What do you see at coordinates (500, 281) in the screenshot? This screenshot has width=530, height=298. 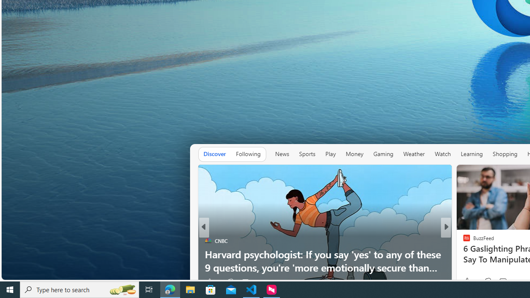 I see `'View comments 274 Comment'` at bounding box center [500, 281].